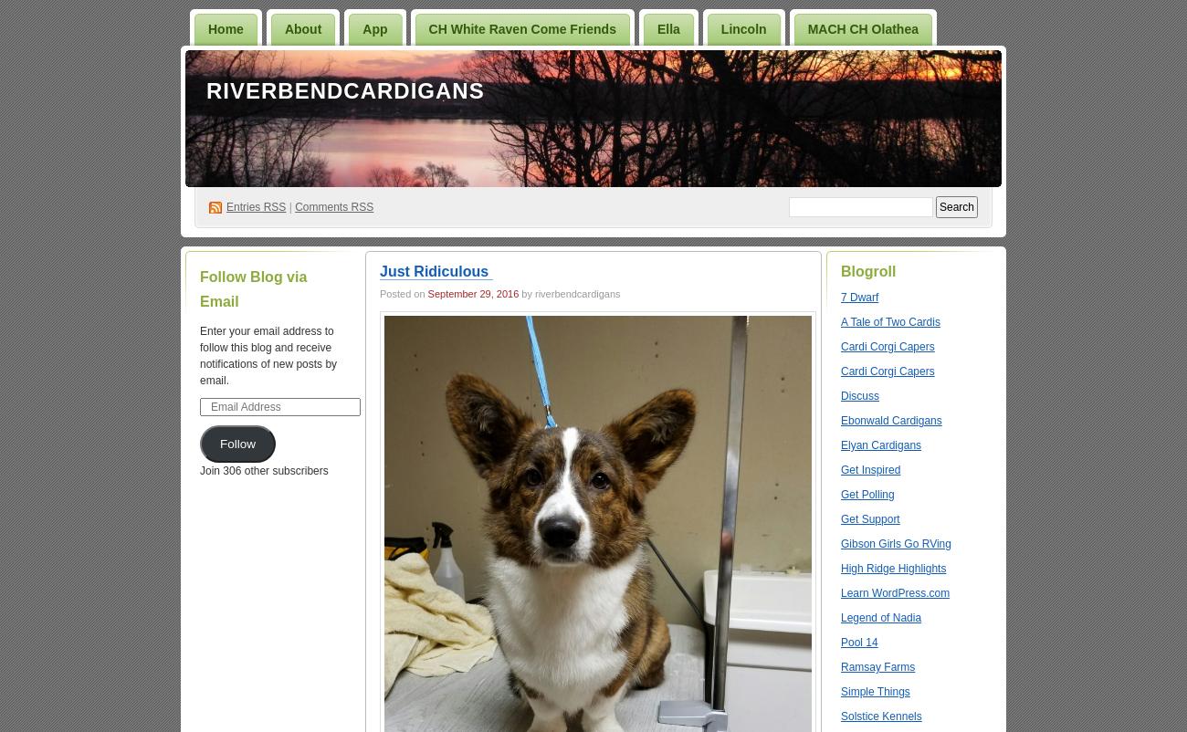  I want to click on 'Follow Blog via Email', so click(253, 288).